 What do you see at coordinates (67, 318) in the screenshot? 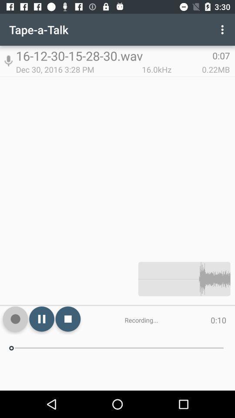
I see `item to the left of the recording... item` at bounding box center [67, 318].